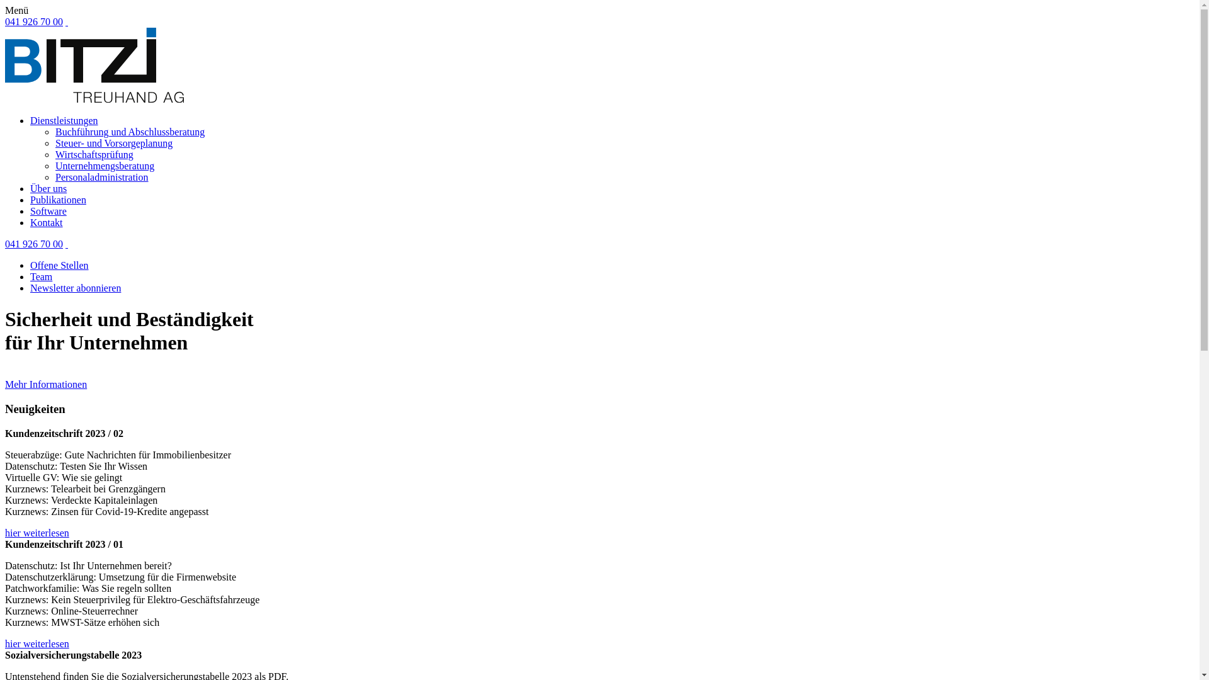  Describe the element at coordinates (105, 165) in the screenshot. I see `'Unternehmengsberatung'` at that location.